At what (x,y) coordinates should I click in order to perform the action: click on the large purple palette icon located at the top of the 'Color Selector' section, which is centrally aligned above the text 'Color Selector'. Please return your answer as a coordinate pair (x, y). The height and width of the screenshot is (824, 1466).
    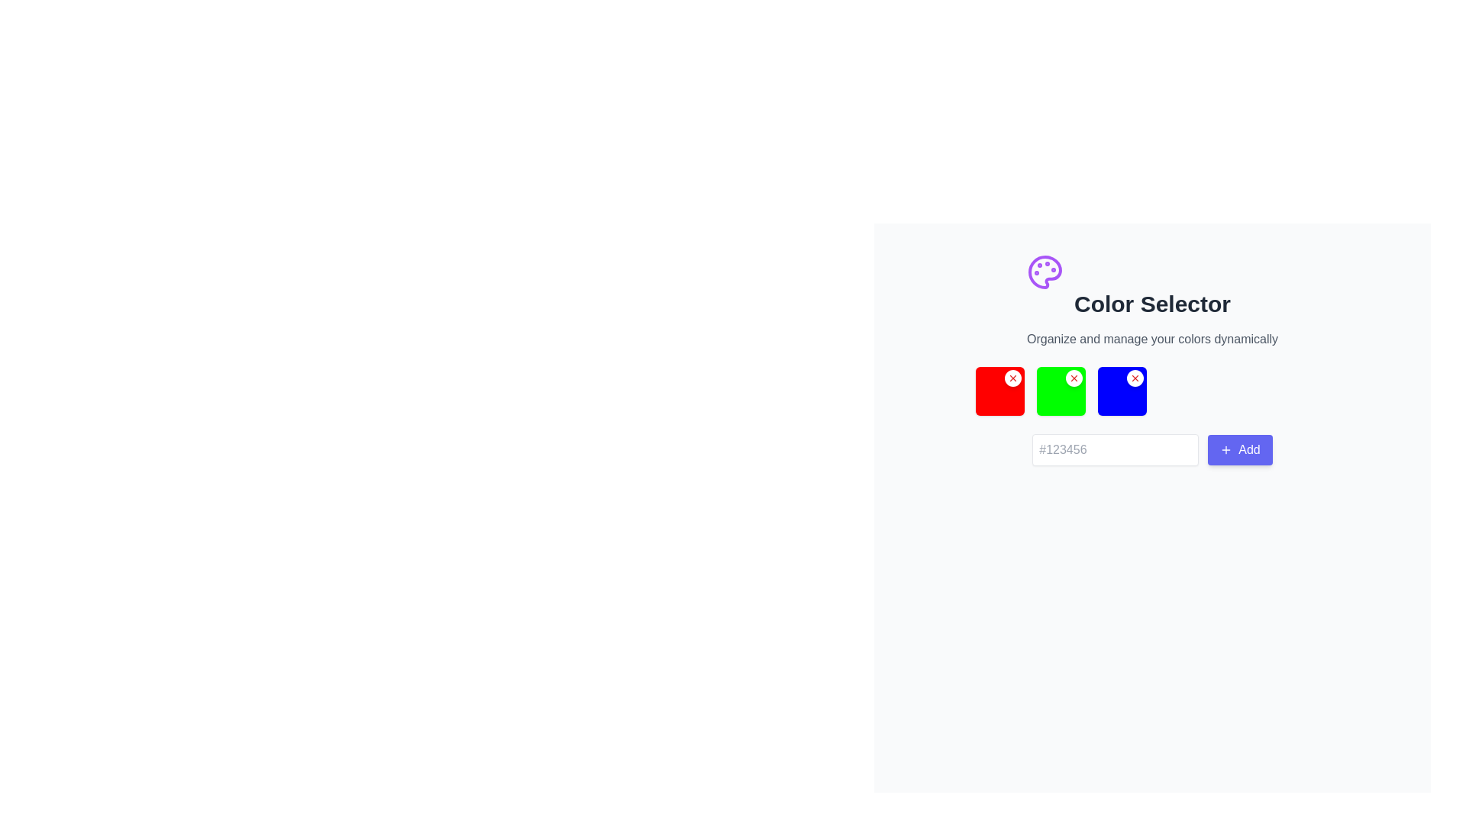
    Looking at the image, I should click on (1044, 272).